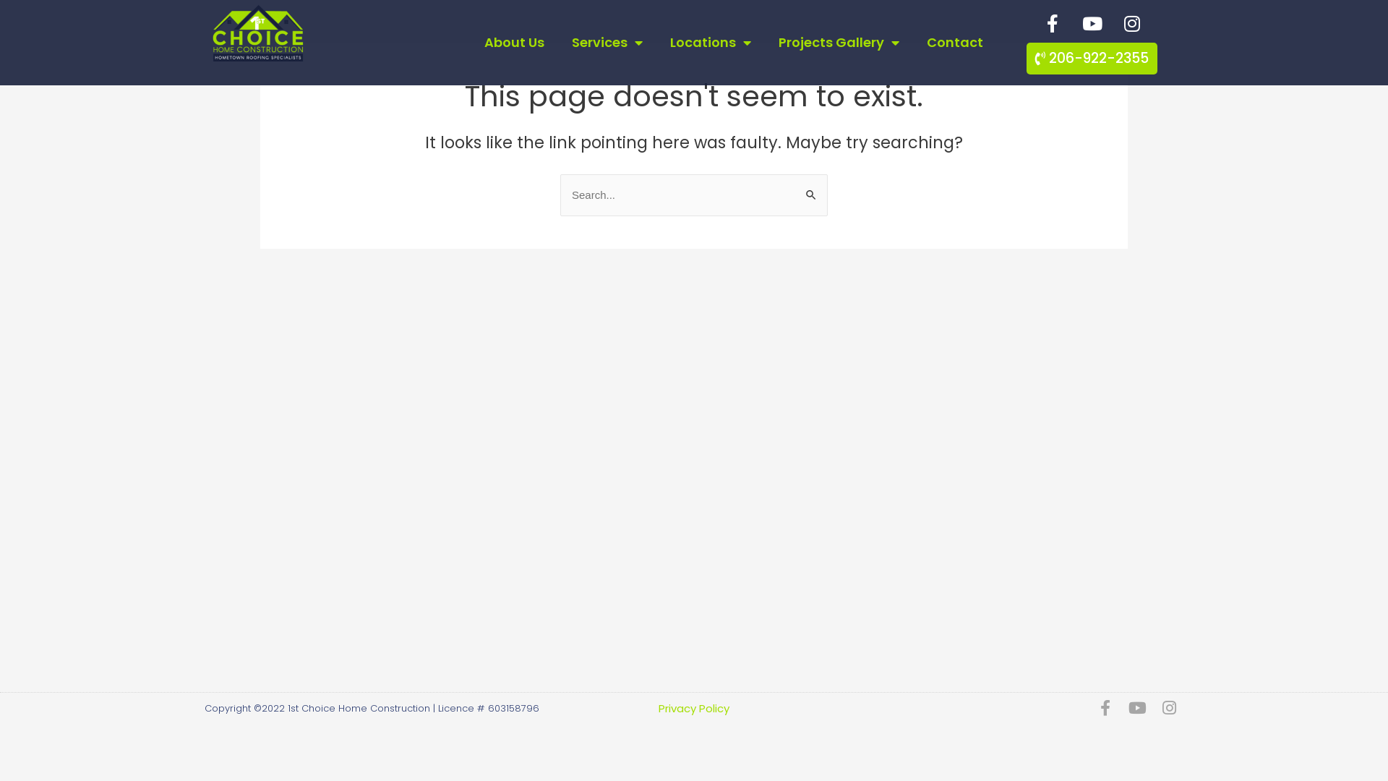 The width and height of the screenshot is (1388, 781). Describe the element at coordinates (794, 187) in the screenshot. I see `'Search'` at that location.